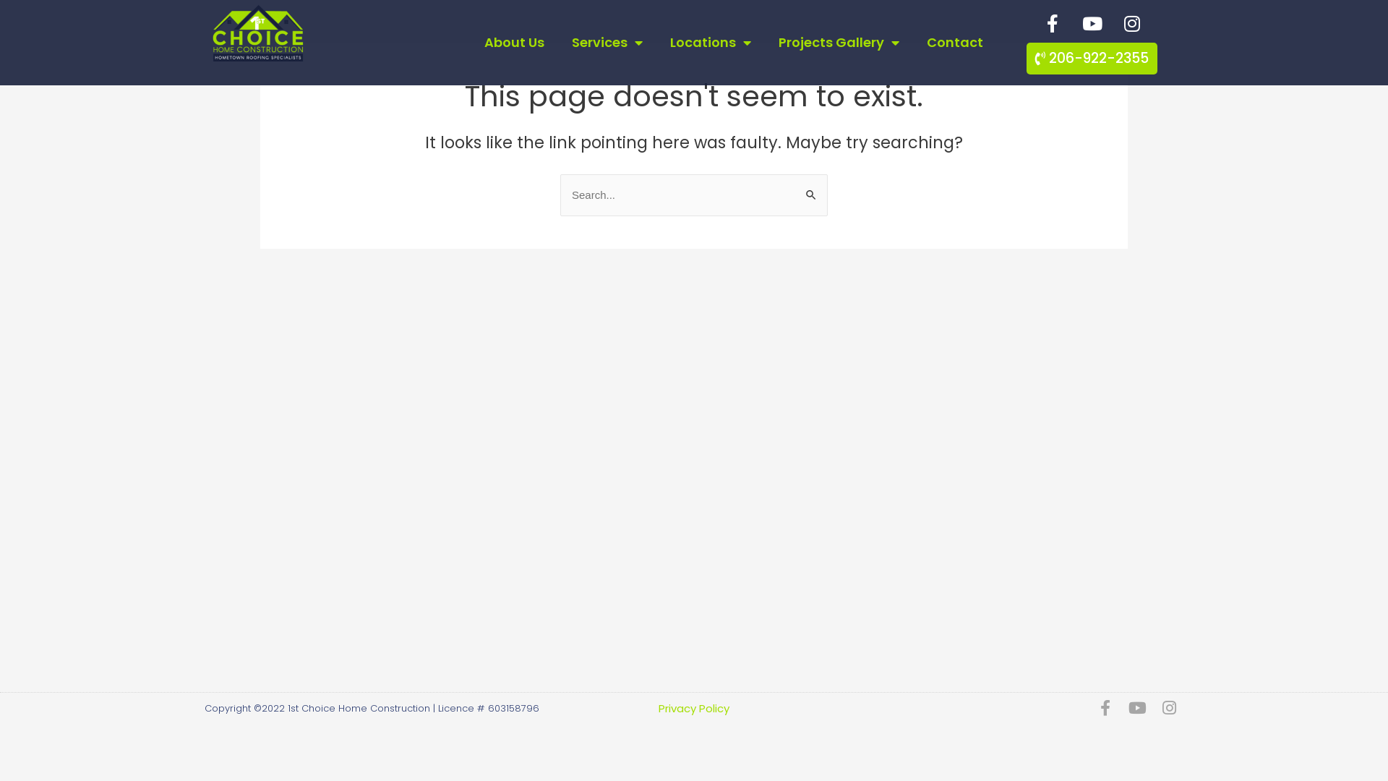 The width and height of the screenshot is (1388, 781). Describe the element at coordinates (794, 187) in the screenshot. I see `'Search'` at that location.